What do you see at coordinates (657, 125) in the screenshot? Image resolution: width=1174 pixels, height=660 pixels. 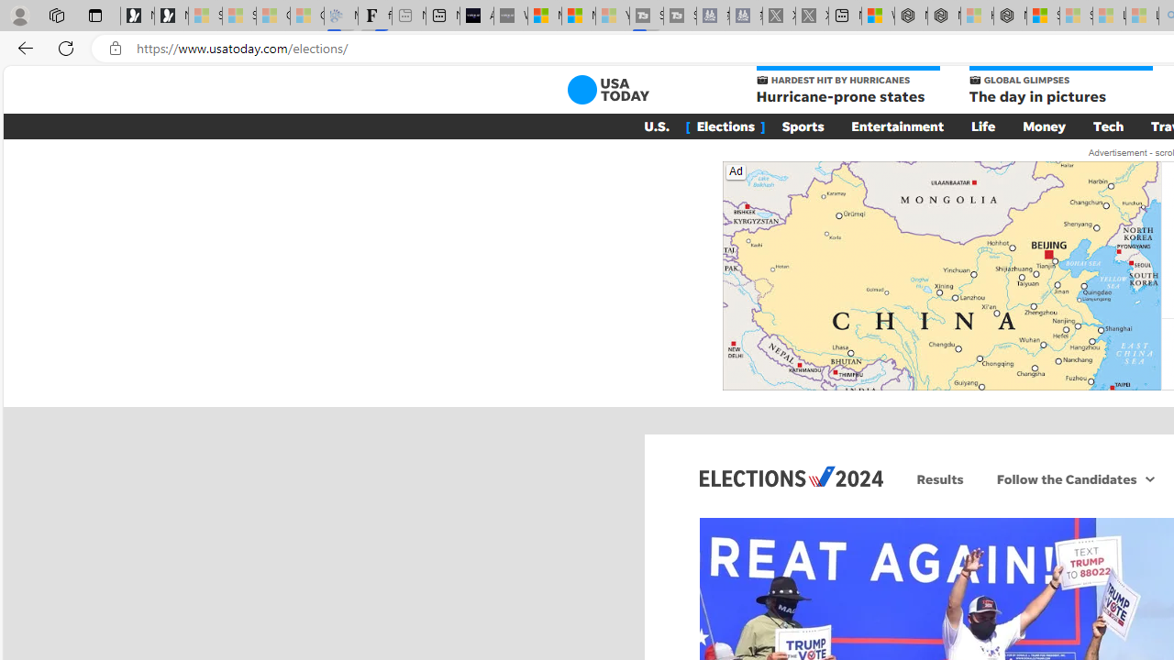 I see `'U.S.'` at bounding box center [657, 125].